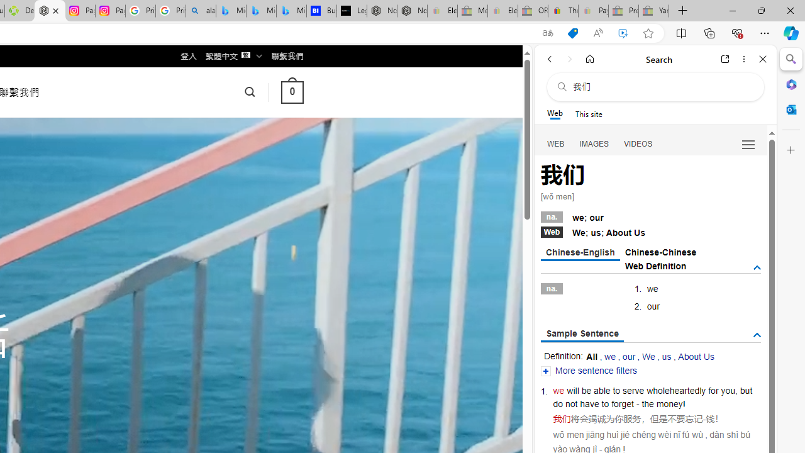 This screenshot has height=453, width=805. I want to click on 'AutomationID: tgdef_sen', so click(756, 335).